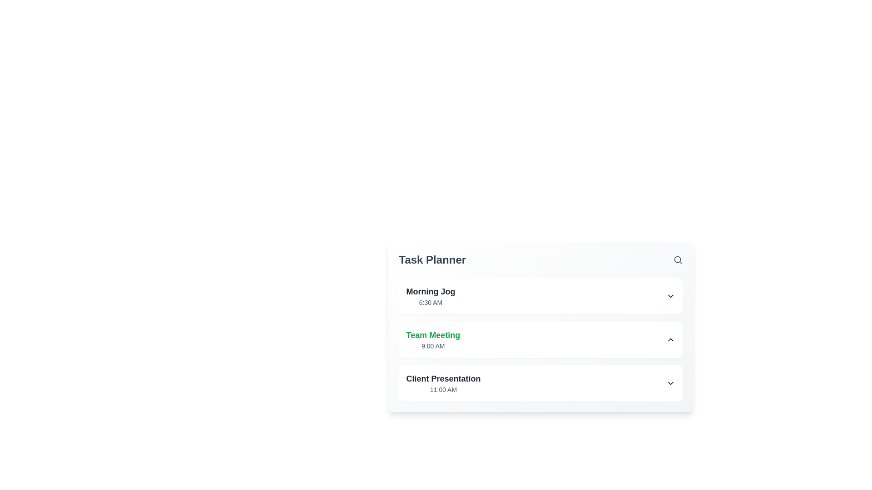  I want to click on the search icon located in the header of the 'Task Planner' section, which is the last element to the right of the 'Task Planner' text label, so click(678, 260).